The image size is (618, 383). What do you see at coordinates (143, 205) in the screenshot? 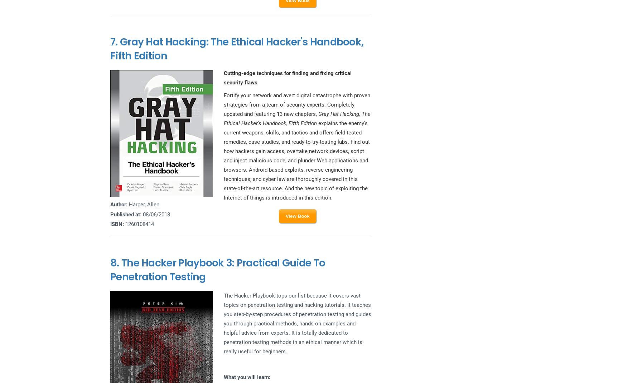
I see `'Harper, Allen'` at bounding box center [143, 205].